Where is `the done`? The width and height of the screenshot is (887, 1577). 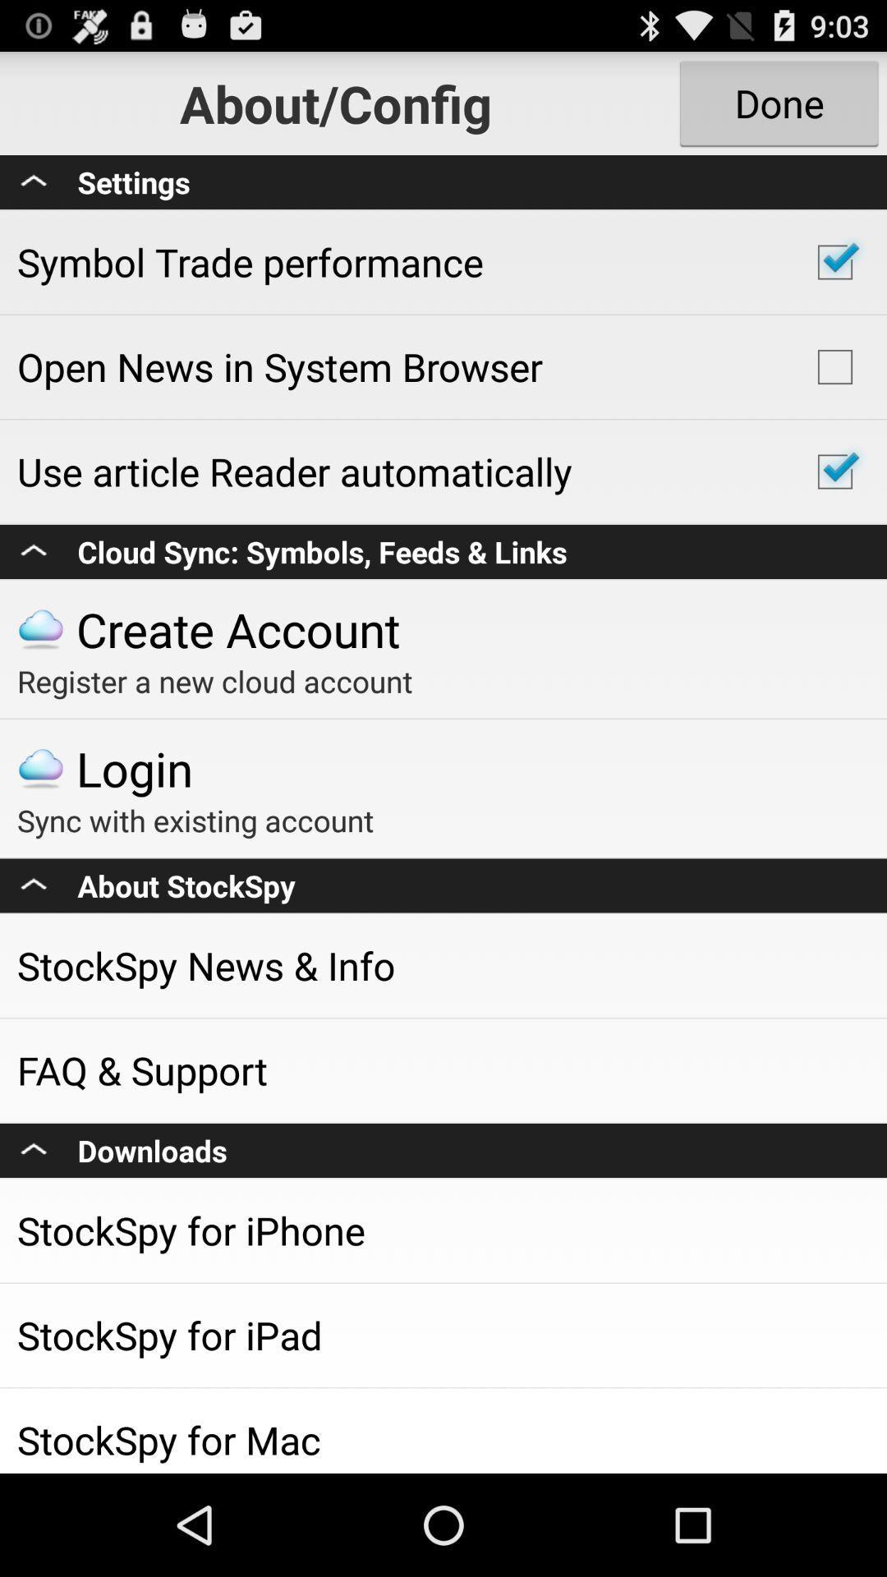
the done is located at coordinates (778, 102).